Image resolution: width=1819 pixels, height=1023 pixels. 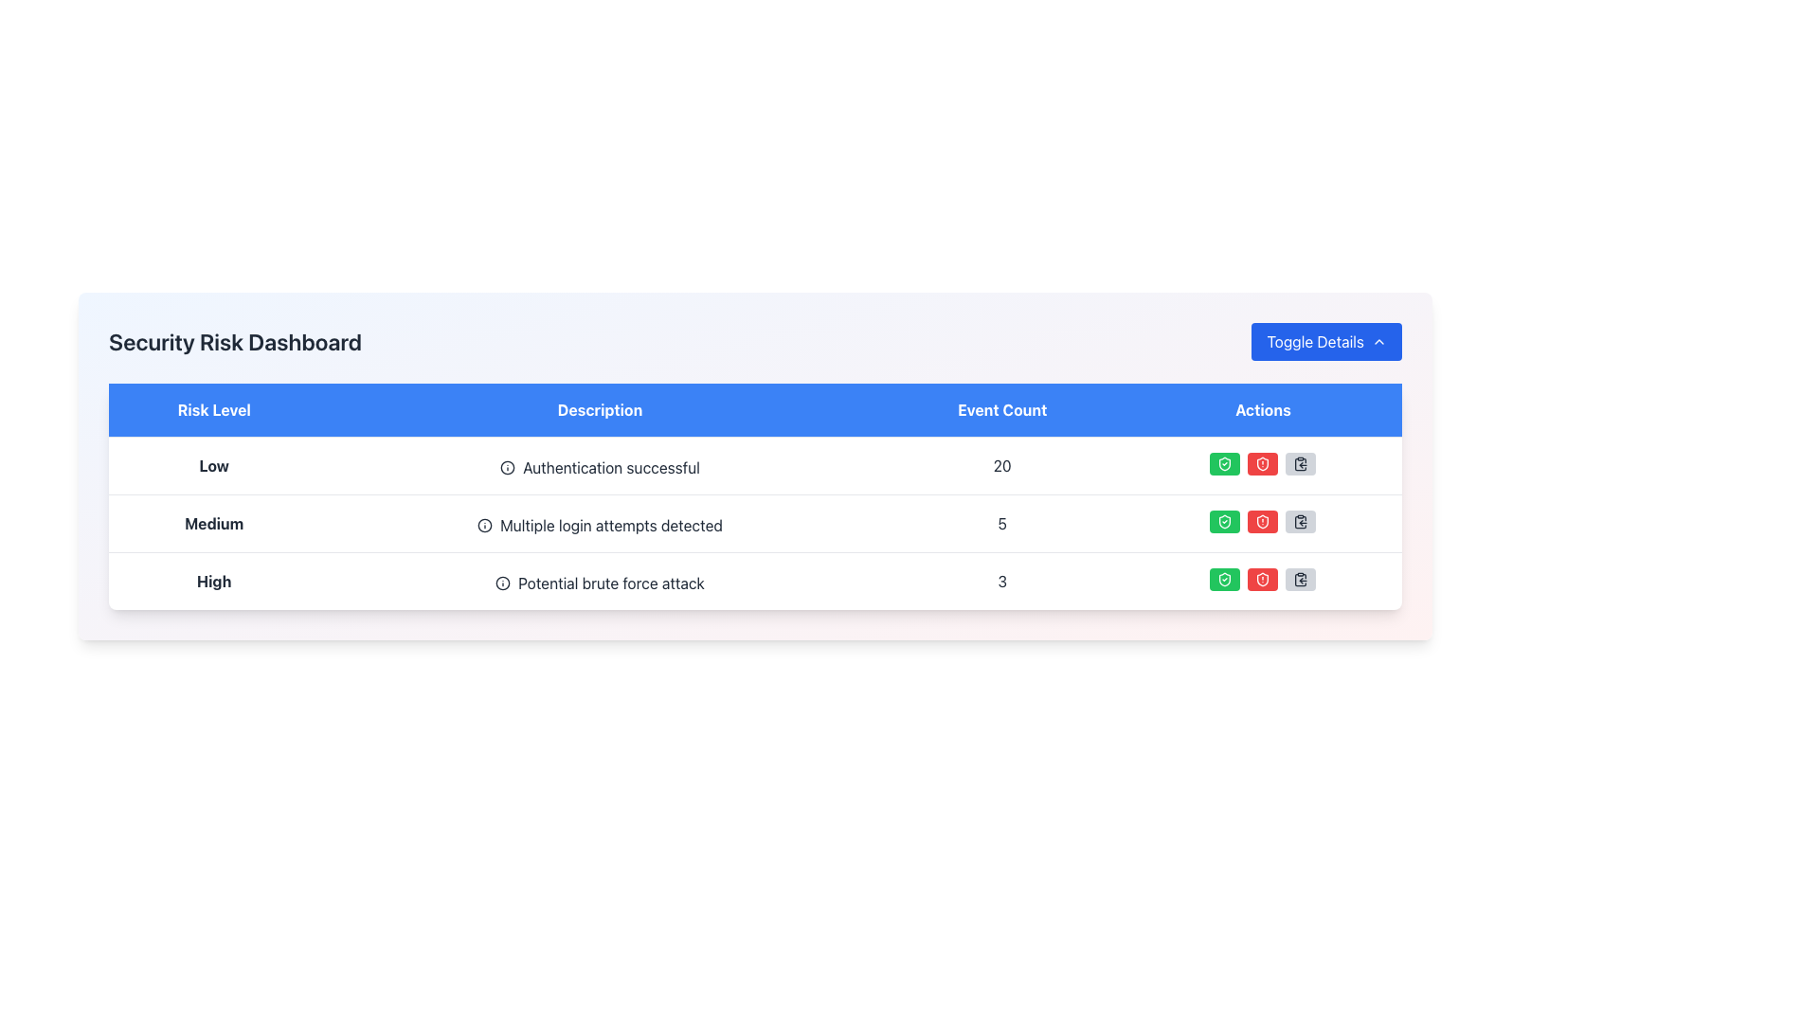 What do you see at coordinates (1300, 522) in the screenshot?
I see `the clipboard-copy icon button located in the rightmost area under the 'Actions' column for the 'High' level row` at bounding box center [1300, 522].